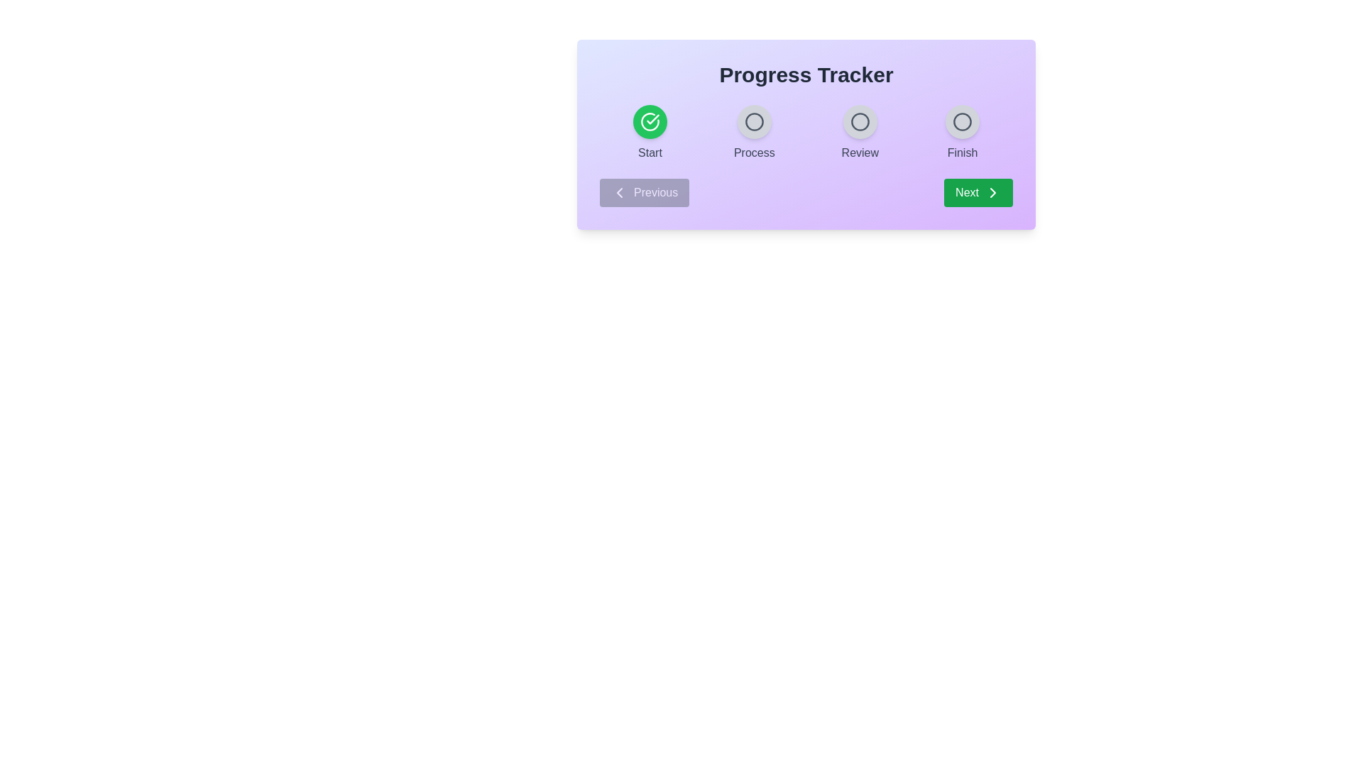  Describe the element at coordinates (962, 153) in the screenshot. I see `the text label that indicates the final milestone in the progress tracker, located directly below the circular icon component and aligned with the steps 'Process', 'Review', and 'Finish'` at that location.